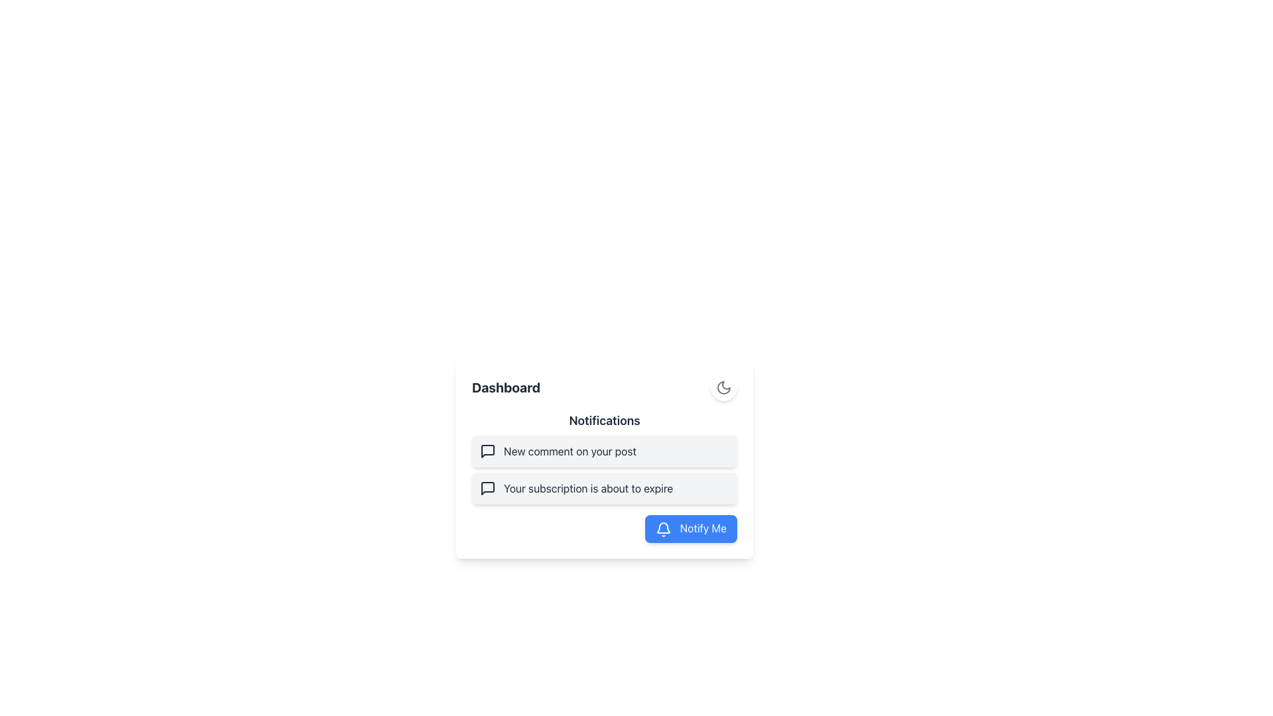  I want to click on the notification subscription button located at the bottom-right corner of the notification panel, so click(690, 528).